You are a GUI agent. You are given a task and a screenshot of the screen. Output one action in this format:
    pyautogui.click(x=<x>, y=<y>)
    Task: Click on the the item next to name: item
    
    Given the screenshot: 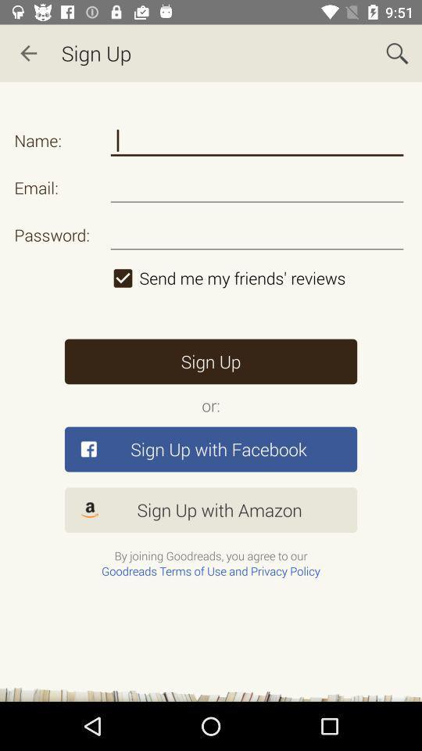 What is the action you would take?
    pyautogui.click(x=257, y=140)
    